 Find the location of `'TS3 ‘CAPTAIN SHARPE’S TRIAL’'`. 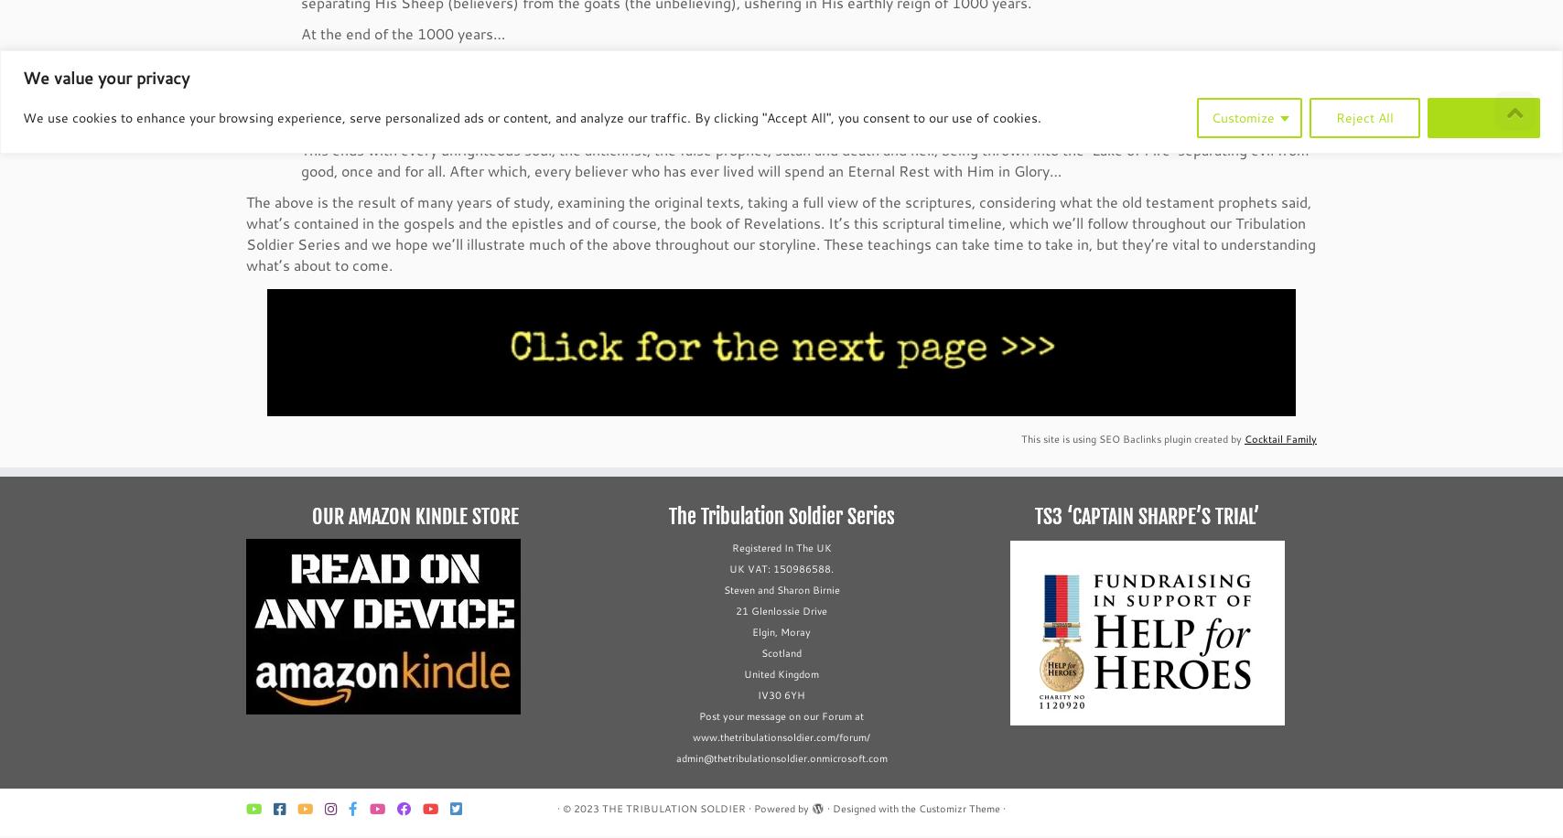

'TS3 ‘CAPTAIN SHARPE’S TRIAL’' is located at coordinates (1035, 517).